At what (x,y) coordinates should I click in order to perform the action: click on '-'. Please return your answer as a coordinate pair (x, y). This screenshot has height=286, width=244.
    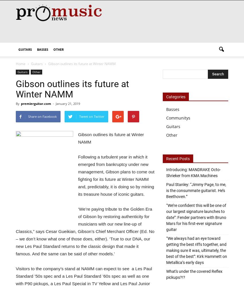
    Looking at the image, I should click on (53, 103).